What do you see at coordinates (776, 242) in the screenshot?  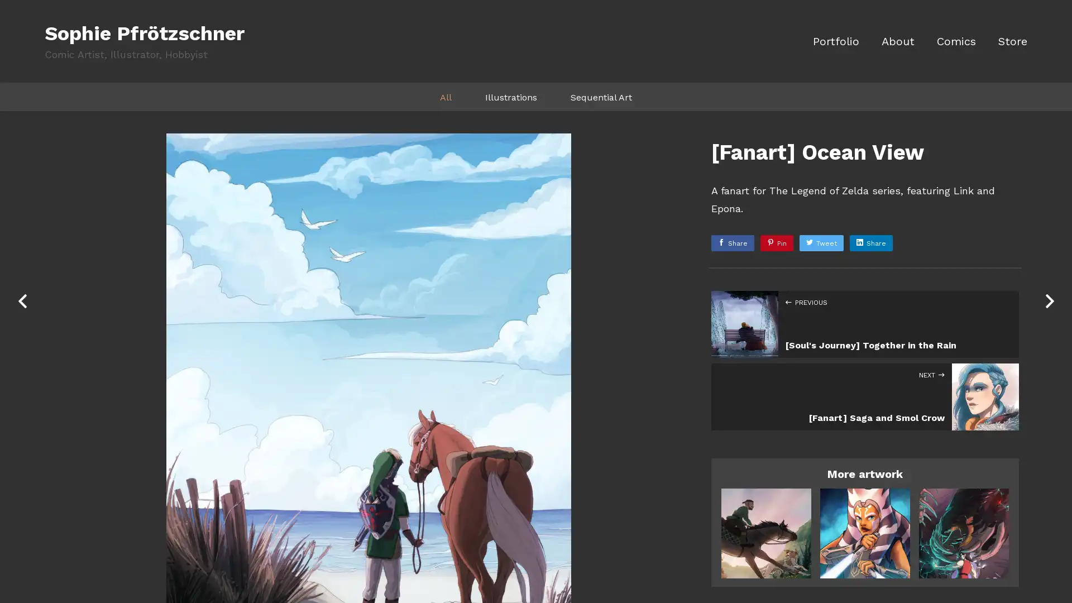 I see `Pin` at bounding box center [776, 242].